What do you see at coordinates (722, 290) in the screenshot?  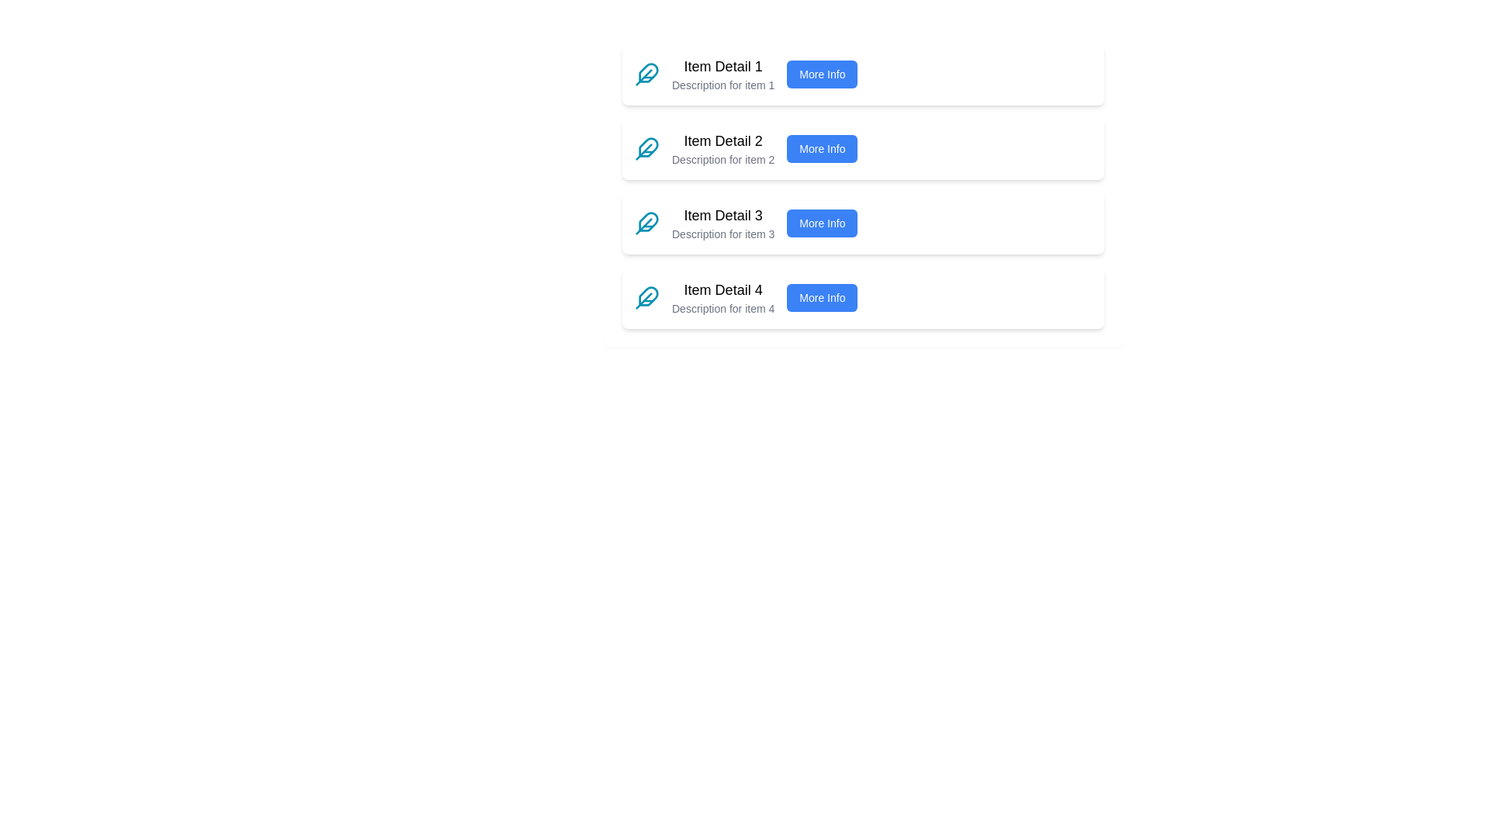 I see `the title text element located in the fourth position of the vertically ordered list, situated between 'Item Detail 3' and 'Description for item 4'` at bounding box center [722, 290].